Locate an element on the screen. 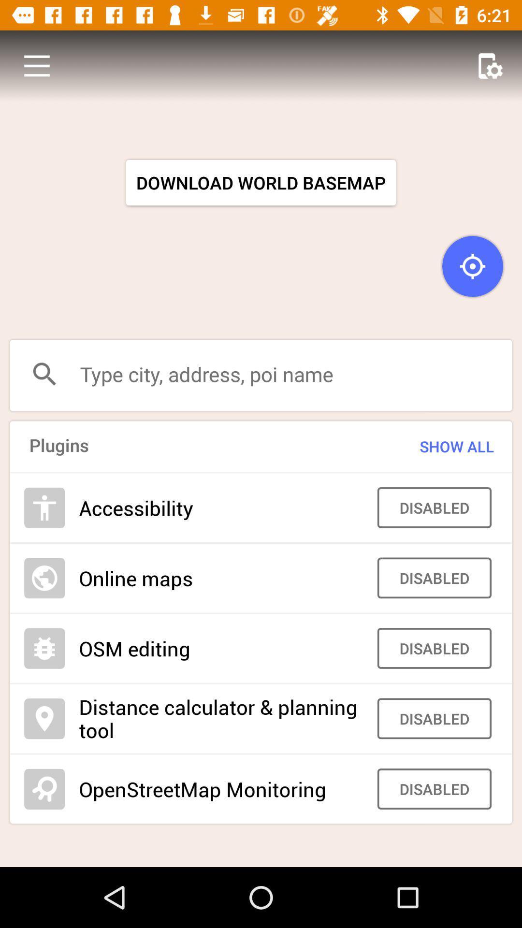 Image resolution: width=522 pixels, height=928 pixels. show all icon is located at coordinates (438, 446).